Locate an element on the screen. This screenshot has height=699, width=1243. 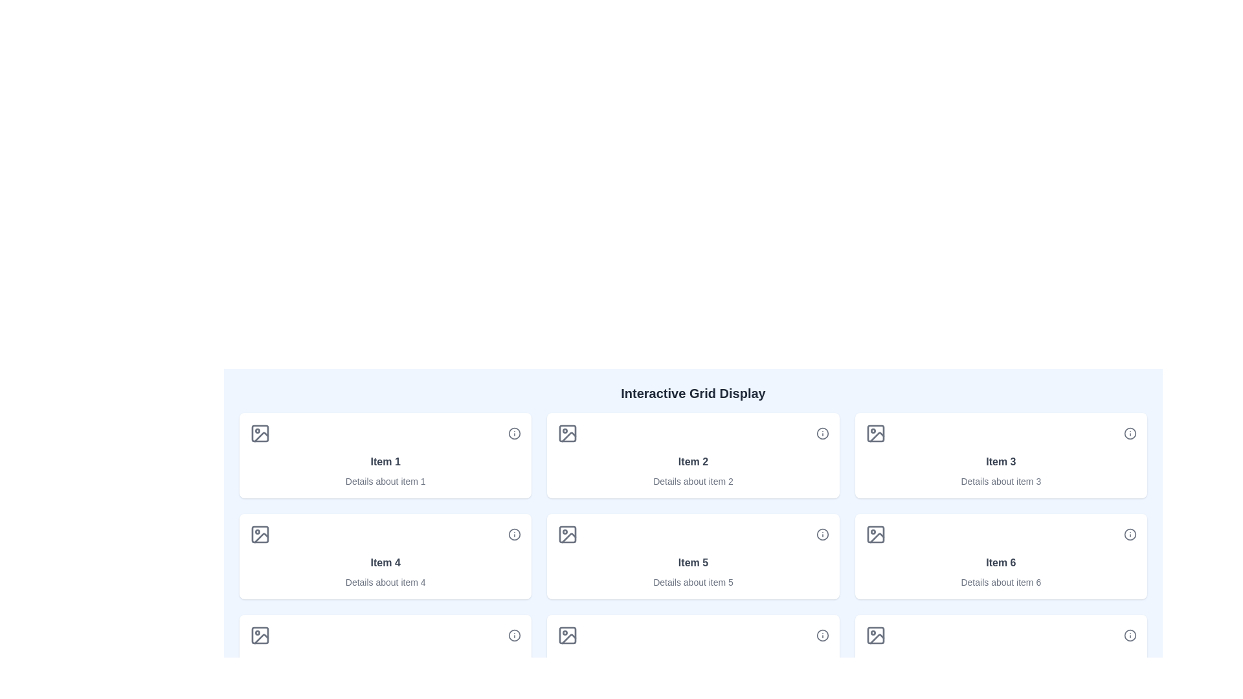
the icon located is located at coordinates (260, 635).